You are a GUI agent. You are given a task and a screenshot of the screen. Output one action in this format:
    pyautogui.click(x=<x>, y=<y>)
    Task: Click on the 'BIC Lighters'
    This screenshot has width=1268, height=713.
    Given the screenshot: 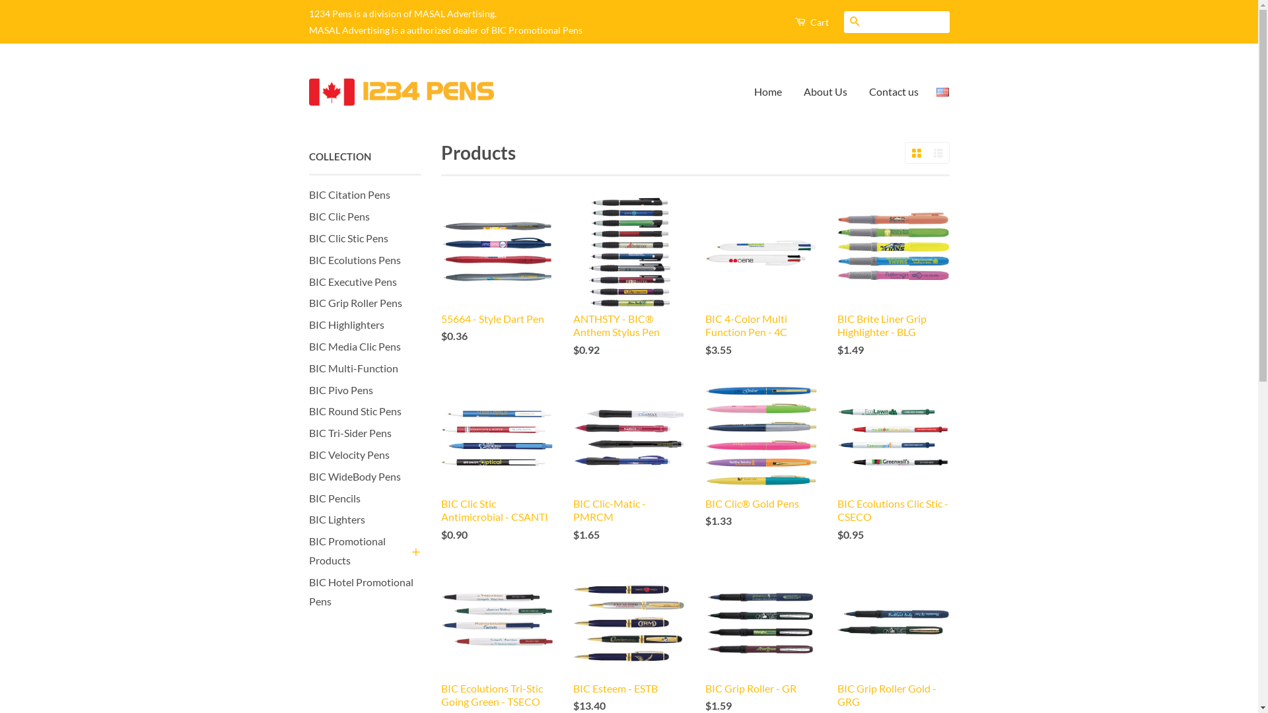 What is the action you would take?
    pyautogui.click(x=337, y=518)
    